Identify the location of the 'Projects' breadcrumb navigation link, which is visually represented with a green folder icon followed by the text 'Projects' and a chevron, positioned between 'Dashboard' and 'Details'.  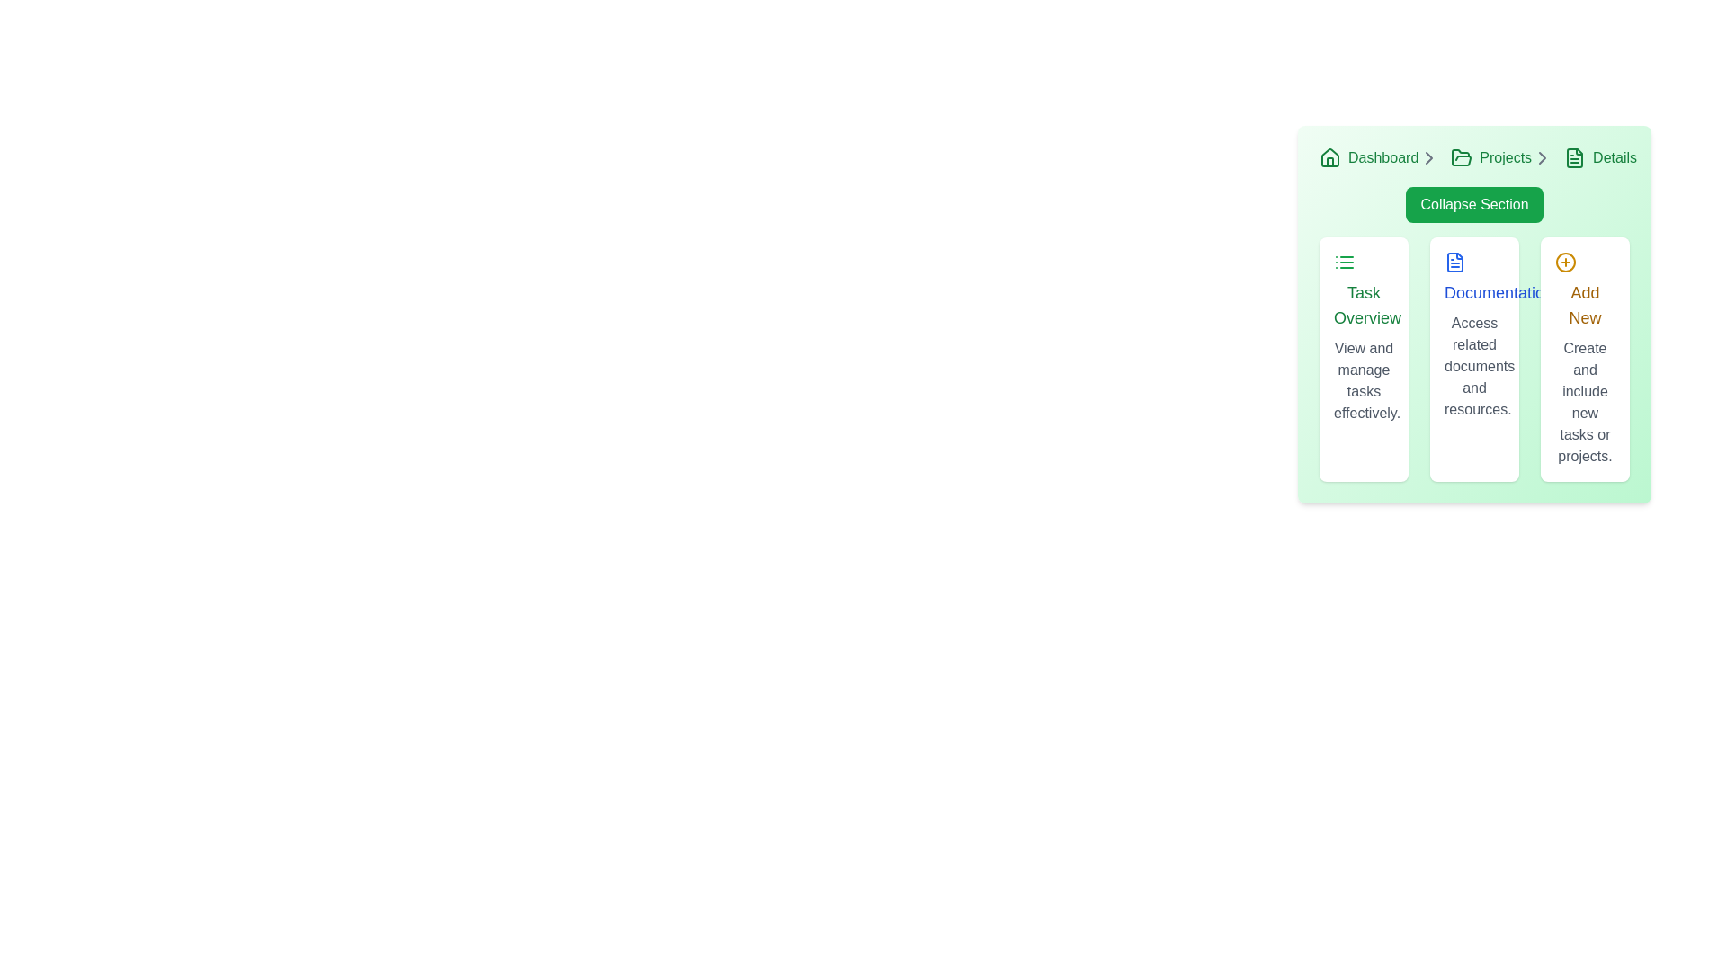
(1502, 157).